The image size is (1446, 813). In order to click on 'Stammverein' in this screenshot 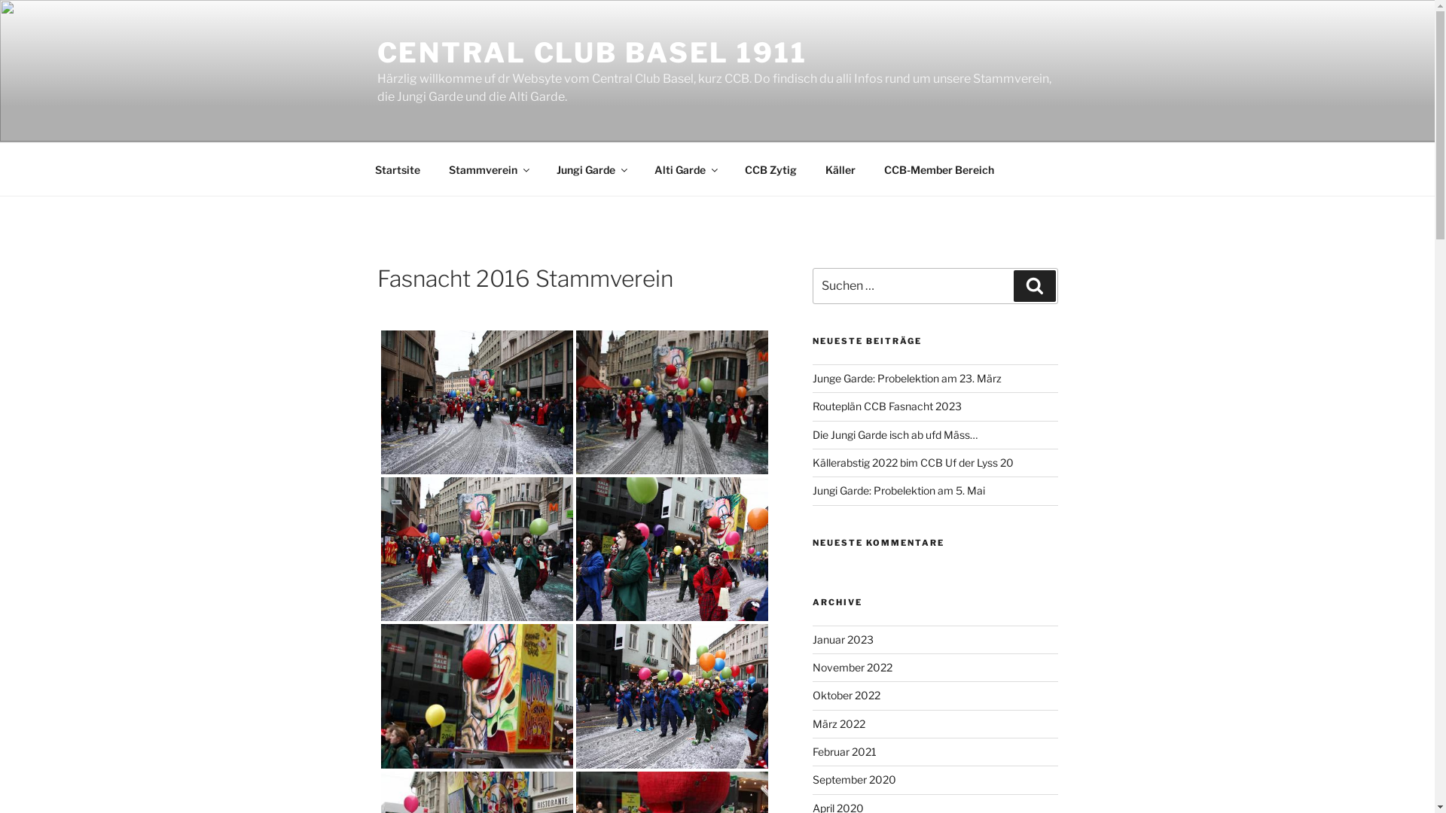, I will do `click(488, 169)`.